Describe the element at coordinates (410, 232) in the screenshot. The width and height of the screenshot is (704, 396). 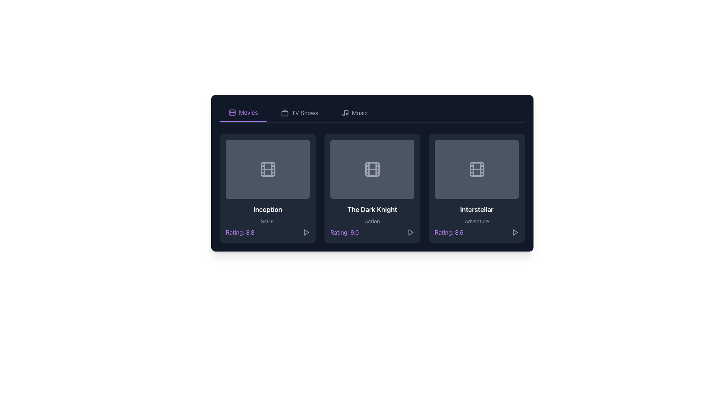
I see `the play button located in the lower-right corner of the card for 'The Dark Knight'` at that location.